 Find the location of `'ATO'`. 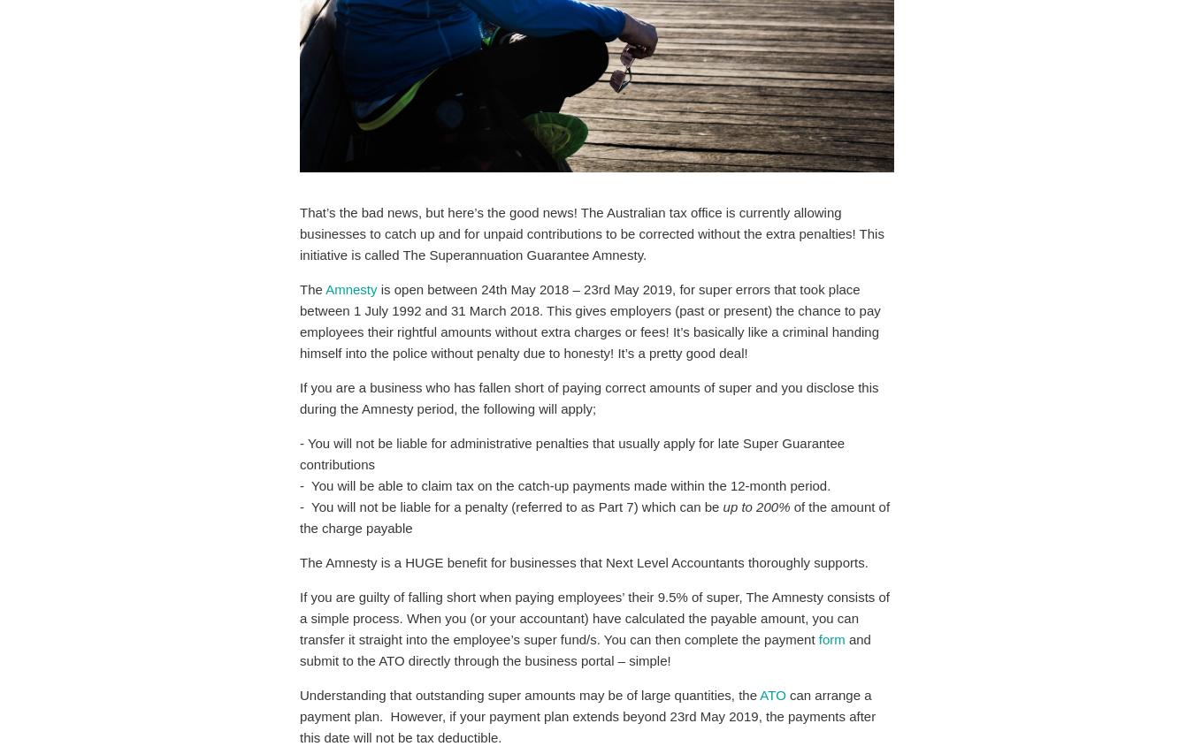

'ATO' is located at coordinates (772, 695).